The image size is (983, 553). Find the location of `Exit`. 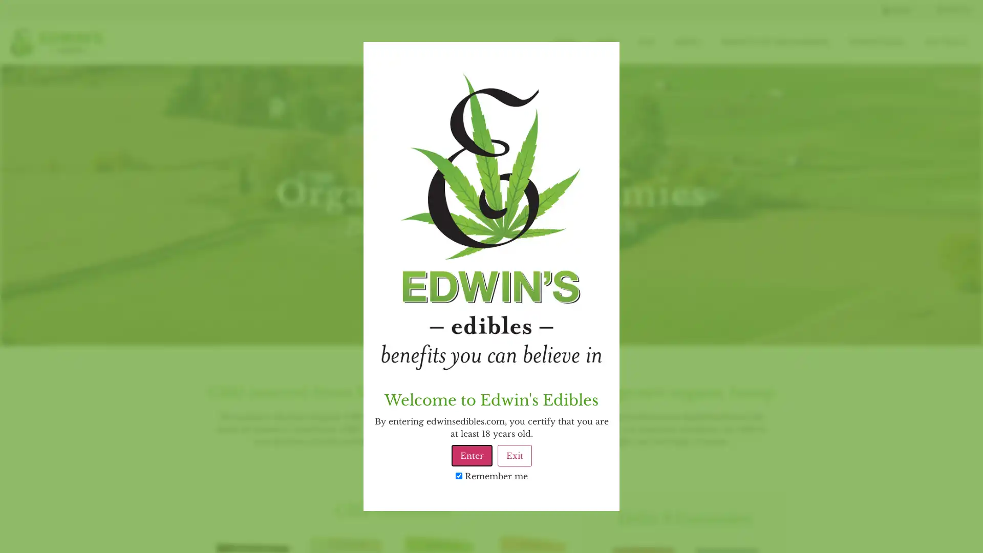

Exit is located at coordinates (514, 455).